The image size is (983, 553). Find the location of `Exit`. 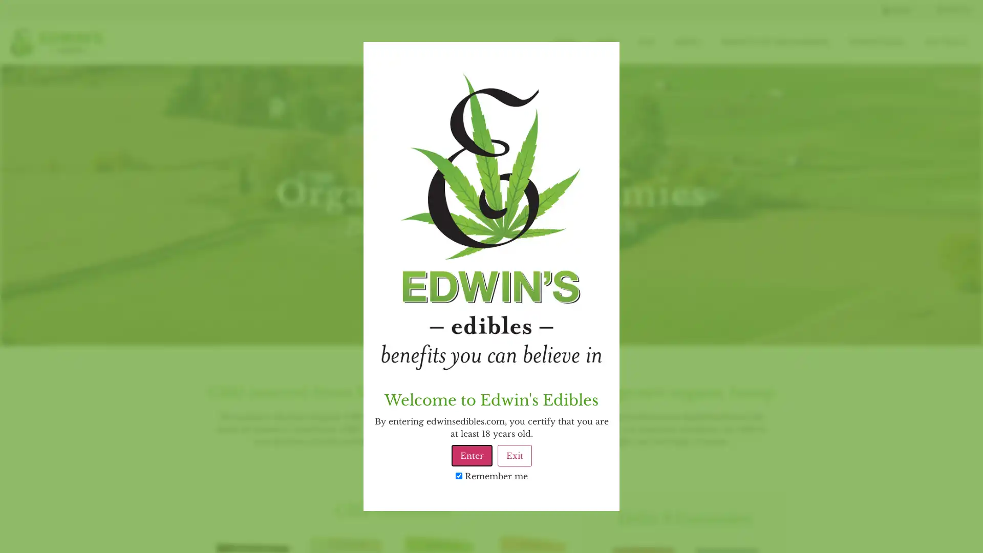

Exit is located at coordinates (514, 455).